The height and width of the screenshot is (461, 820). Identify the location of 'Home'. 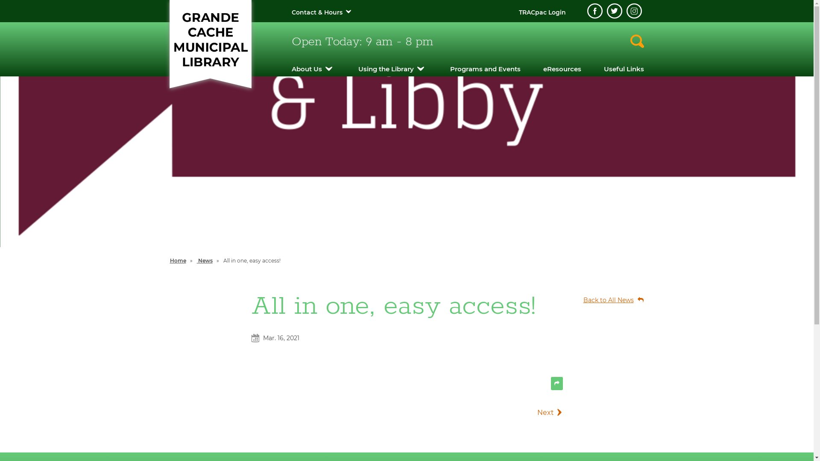
(178, 260).